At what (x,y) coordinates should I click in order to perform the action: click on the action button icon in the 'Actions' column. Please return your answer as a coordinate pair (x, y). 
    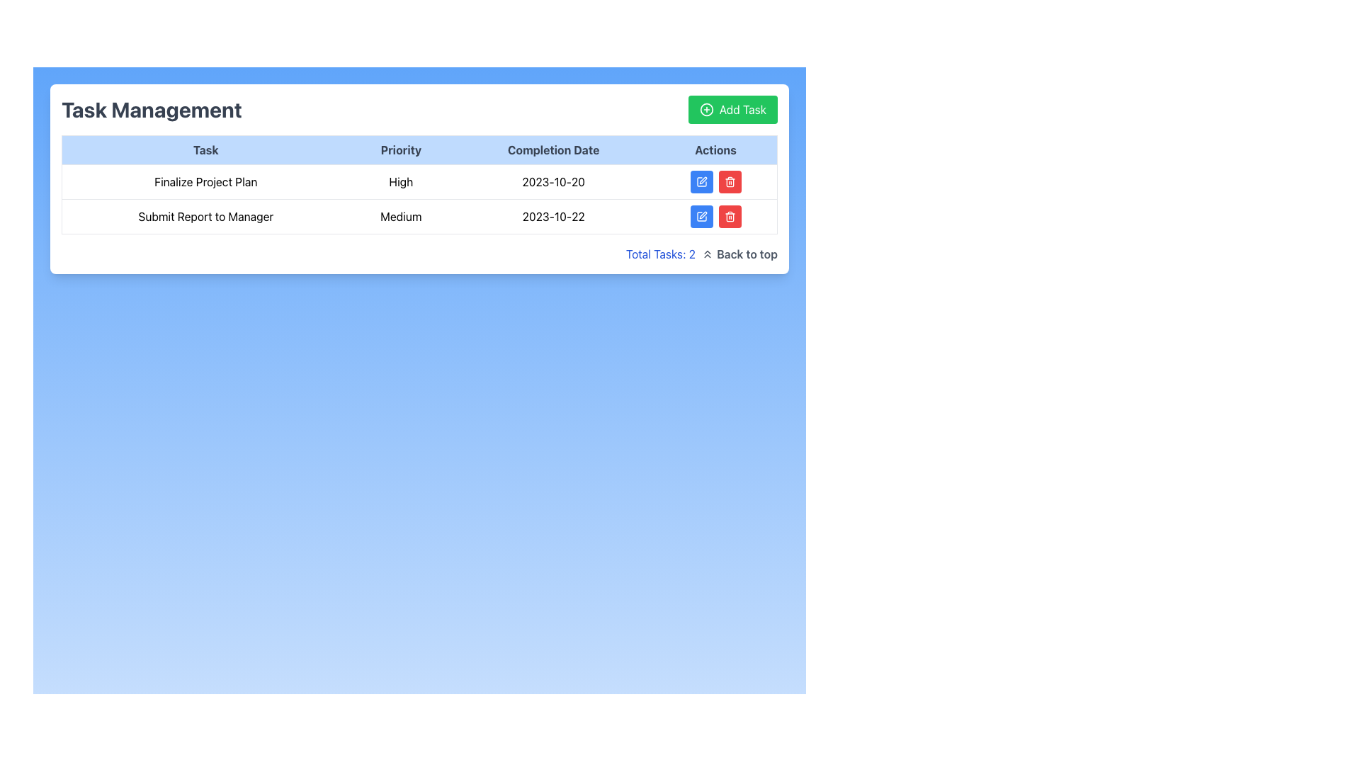
    Looking at the image, I should click on (701, 181).